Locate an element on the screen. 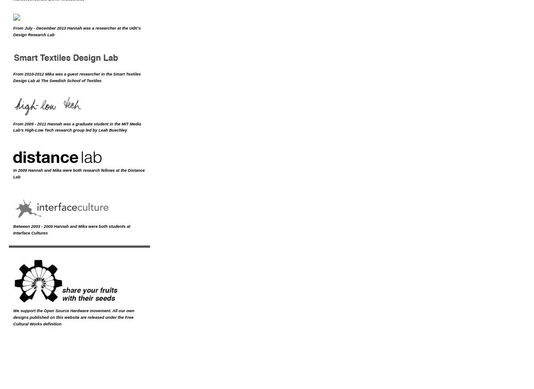 The width and height of the screenshot is (534, 389). 'High-Low Tech' is located at coordinates (24, 129).